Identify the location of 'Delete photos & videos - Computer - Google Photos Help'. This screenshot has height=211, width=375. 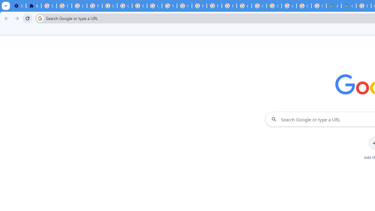
(64, 6).